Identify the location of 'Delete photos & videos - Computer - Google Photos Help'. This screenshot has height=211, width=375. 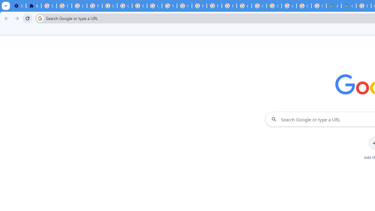
(64, 6).